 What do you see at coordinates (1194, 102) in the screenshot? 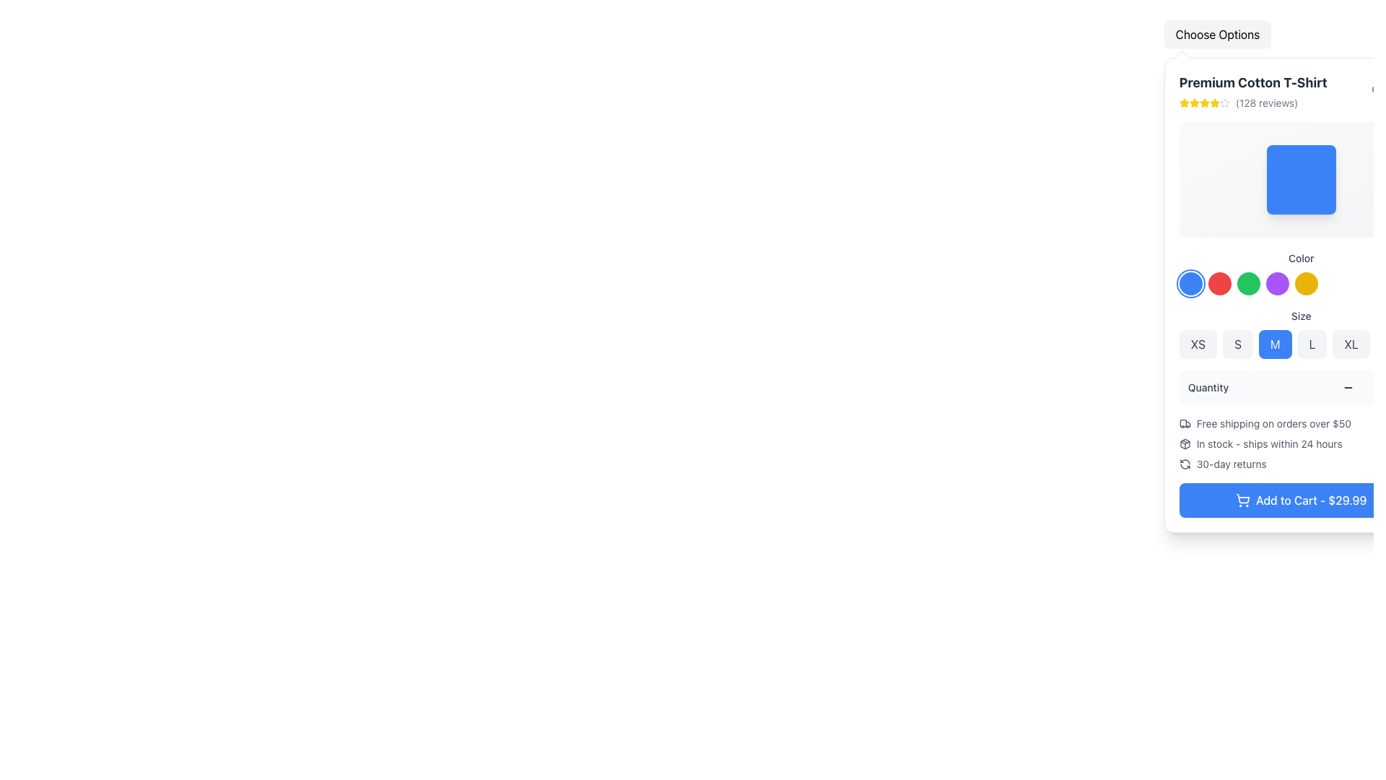
I see `the second star-shaped icon filled with bright yellow color in the rating component below the product title 'Premium Cotton T-Shirt' to adjust the rating` at bounding box center [1194, 102].